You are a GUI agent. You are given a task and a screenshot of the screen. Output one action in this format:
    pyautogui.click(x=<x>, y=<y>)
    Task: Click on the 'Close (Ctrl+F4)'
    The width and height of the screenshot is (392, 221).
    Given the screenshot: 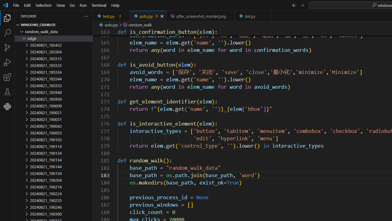 What is the action you would take?
    pyautogui.click(x=267, y=16)
    